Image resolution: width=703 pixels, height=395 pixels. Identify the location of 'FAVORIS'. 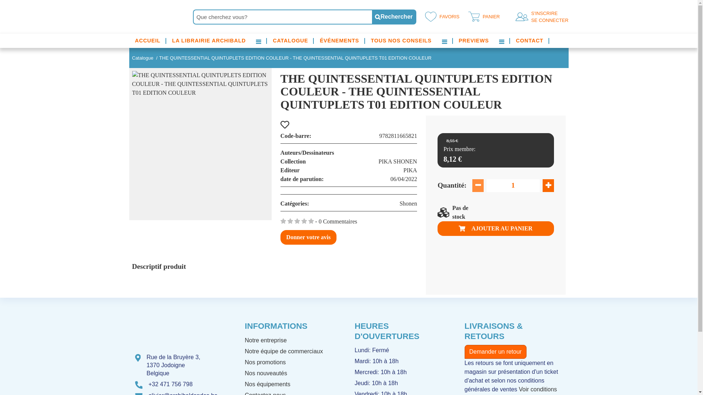
(440, 16).